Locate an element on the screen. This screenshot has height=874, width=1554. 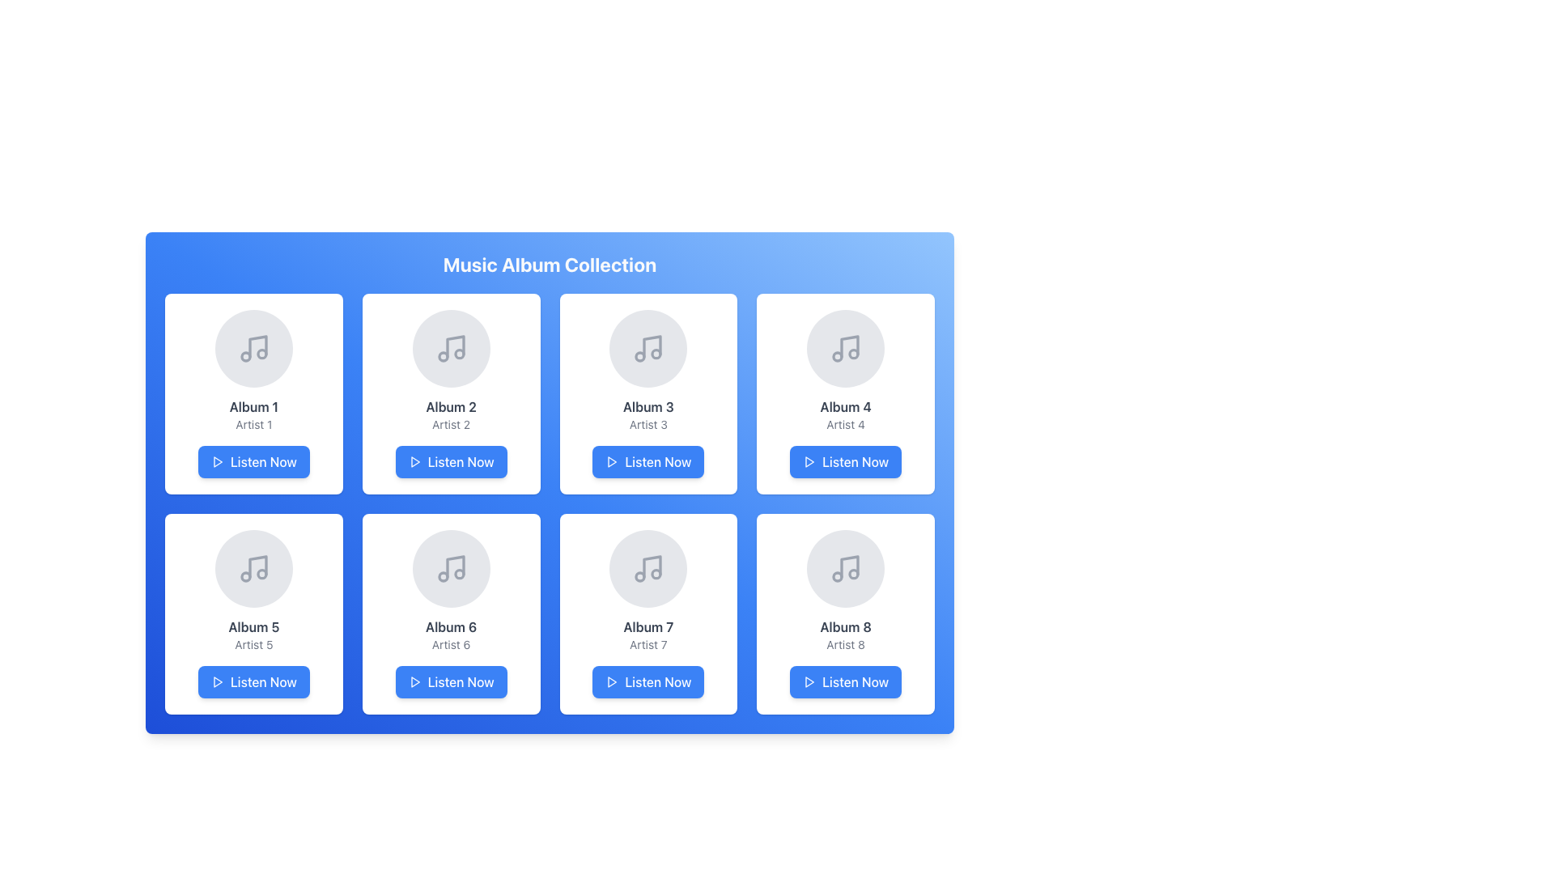
the text label that reads 'Artist 8', which is styled in gray and positioned below 'Album 8' and above the 'Listen Now' button in the eighth card of the grid layout is located at coordinates (845, 644).